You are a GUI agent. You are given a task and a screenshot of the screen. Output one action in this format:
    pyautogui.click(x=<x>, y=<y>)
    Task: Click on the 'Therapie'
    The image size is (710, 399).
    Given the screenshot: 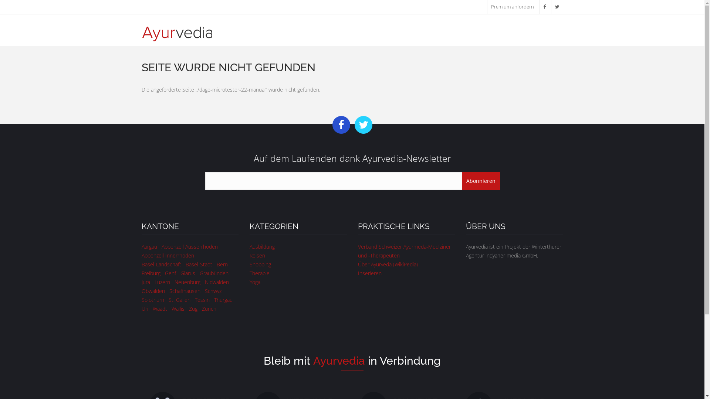 What is the action you would take?
    pyautogui.click(x=250, y=273)
    